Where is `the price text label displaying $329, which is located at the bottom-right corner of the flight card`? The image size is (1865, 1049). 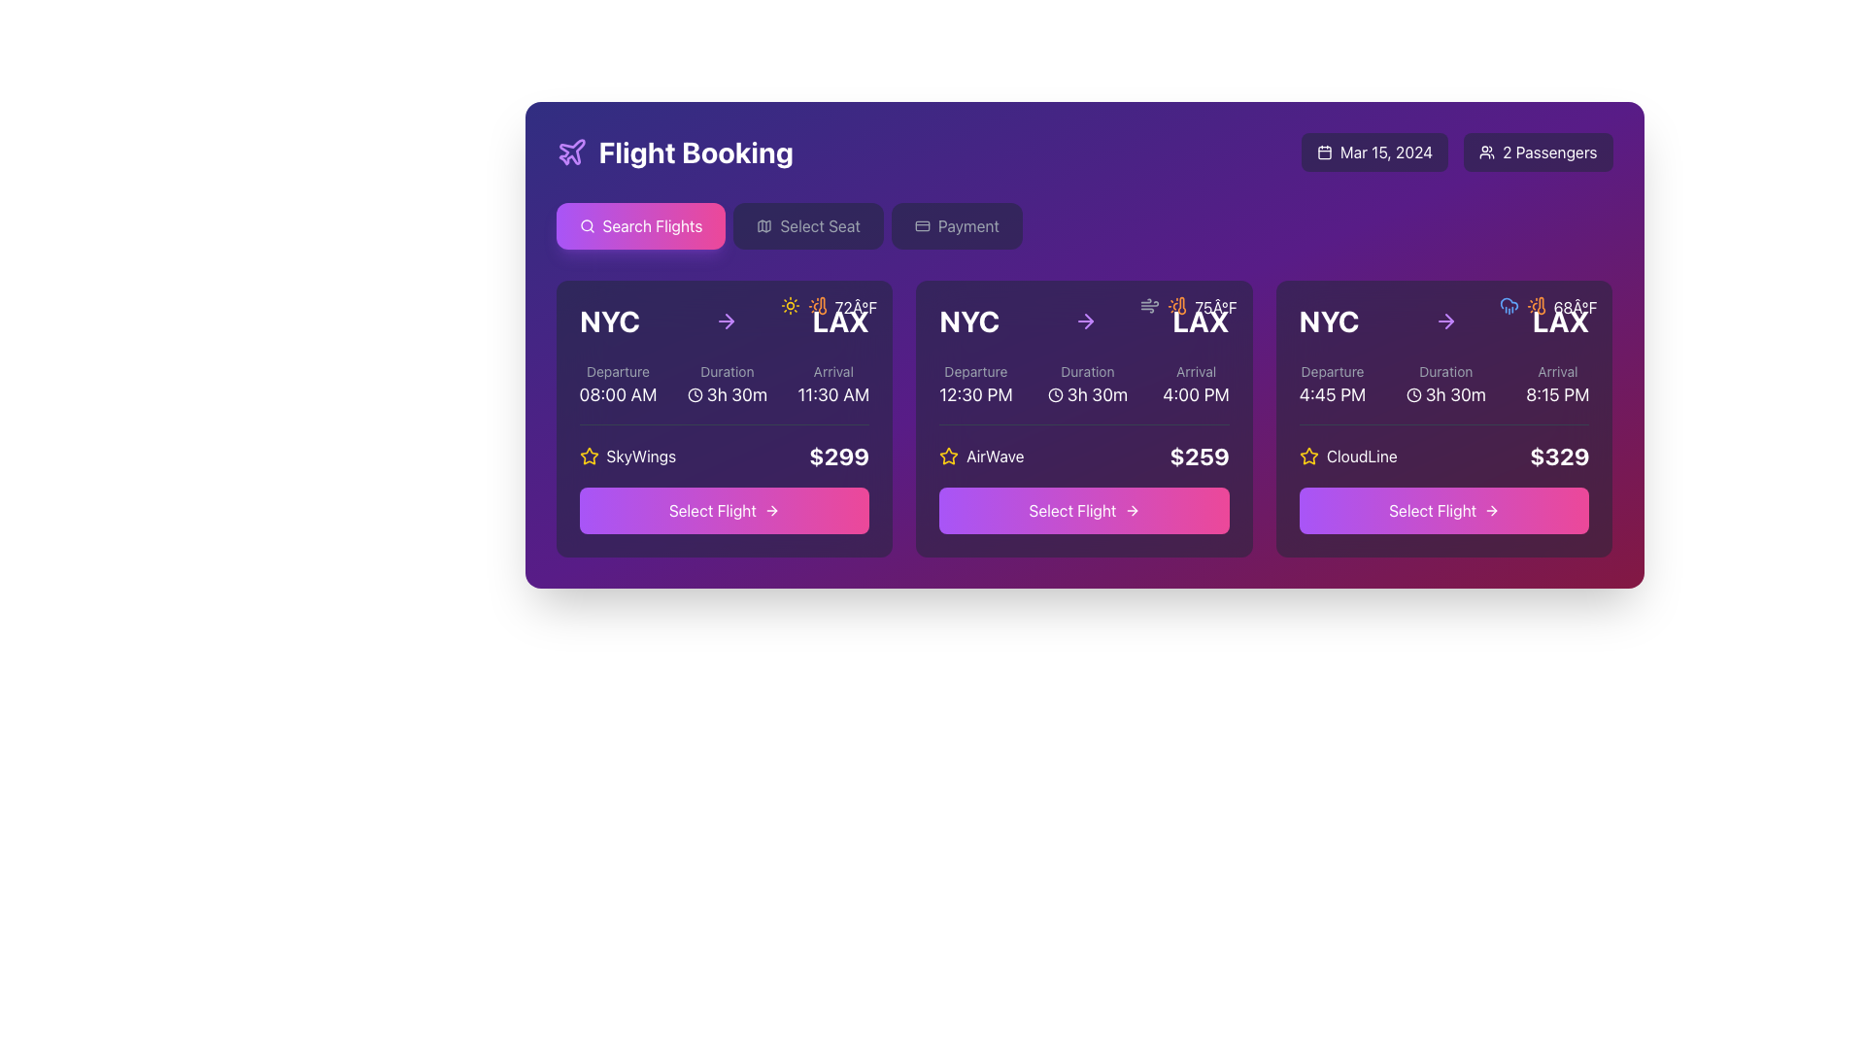 the price text label displaying $329, which is located at the bottom-right corner of the flight card is located at coordinates (1559, 457).